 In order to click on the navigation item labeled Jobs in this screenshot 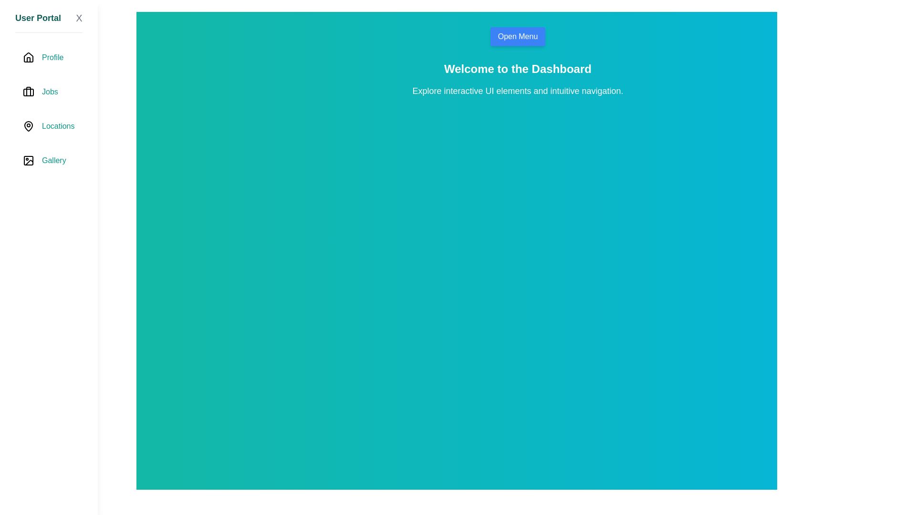, I will do `click(48, 92)`.